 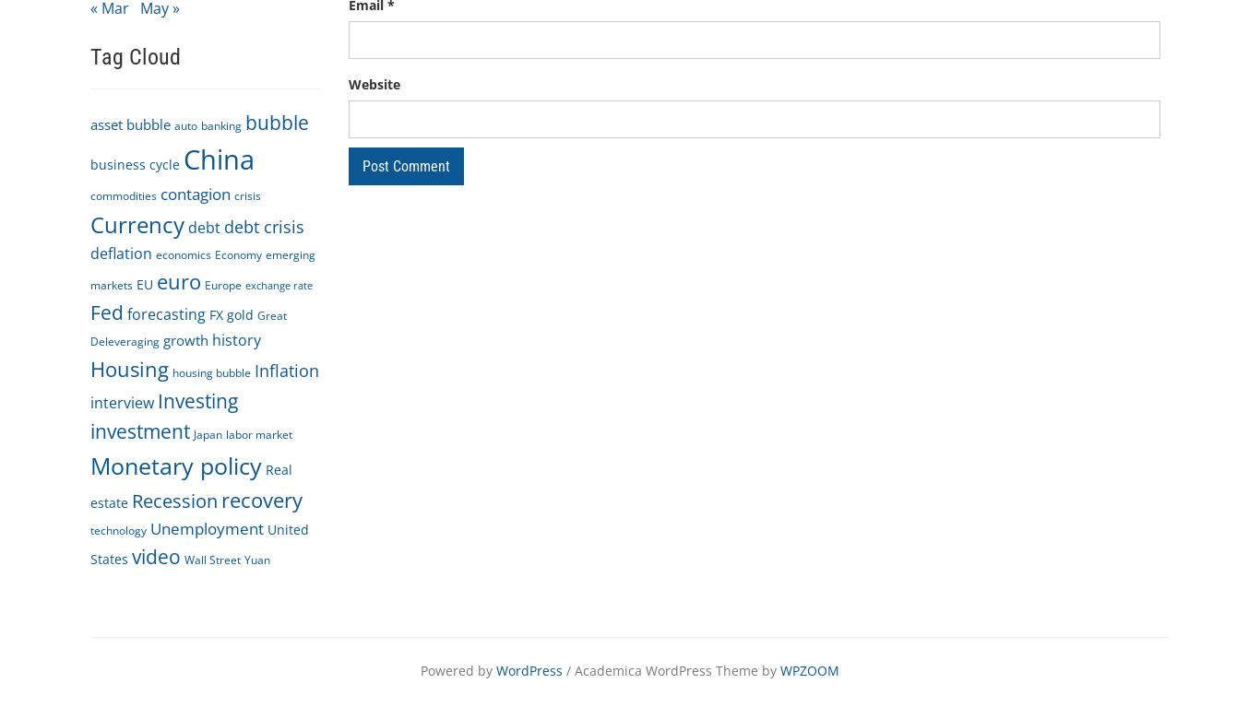 I want to click on 'WPZOOM', so click(x=779, y=669).